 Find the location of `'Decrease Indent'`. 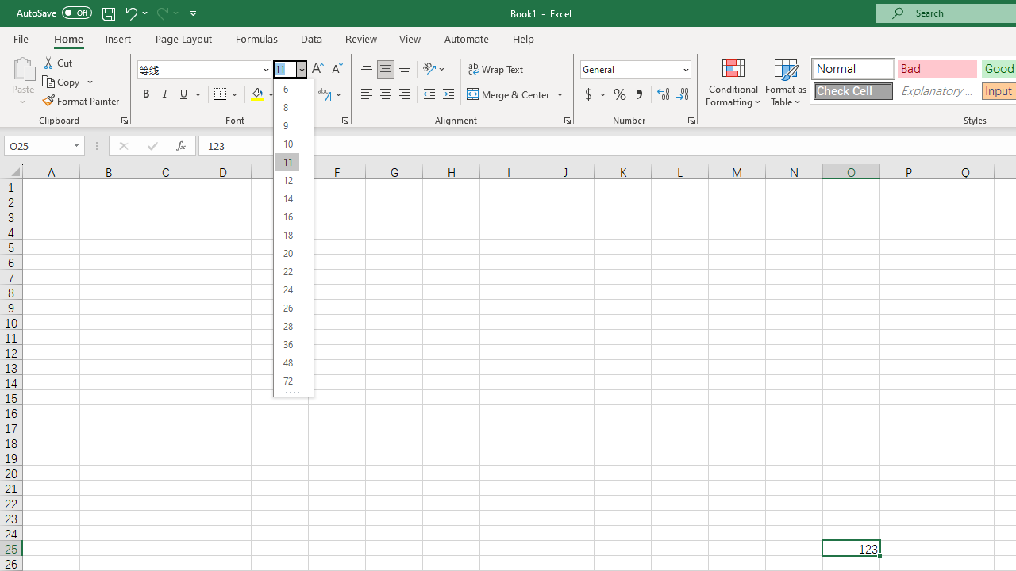

'Decrease Indent' is located at coordinates (429, 94).